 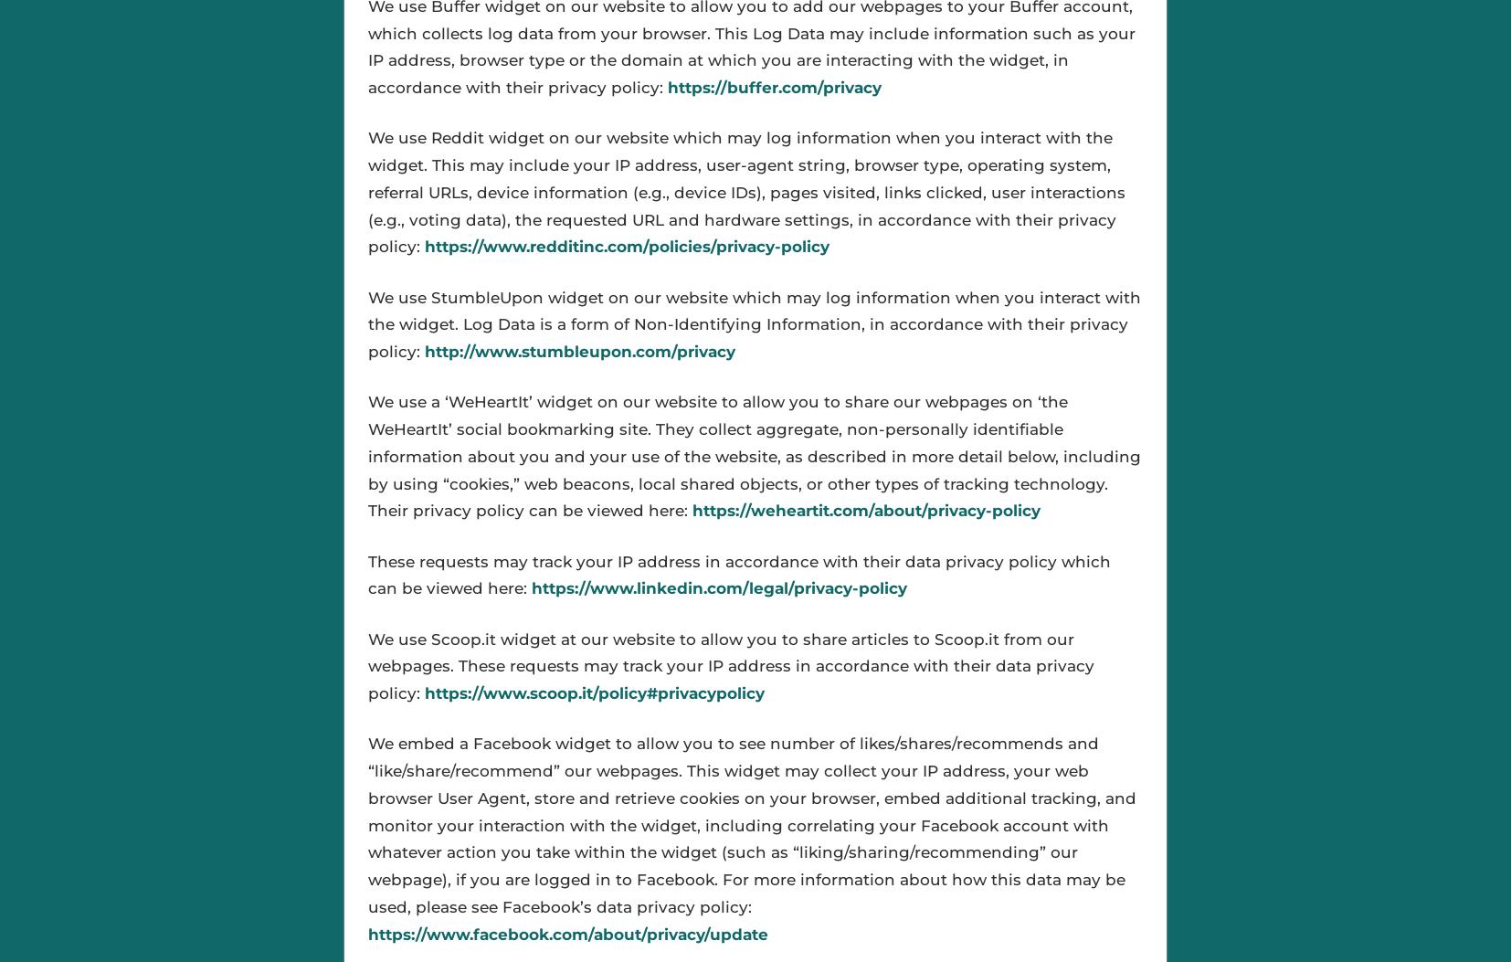 What do you see at coordinates (745, 192) in the screenshot?
I see `'We use Reddit widget on our website which may log information when you interact with the widget. This may include your IP address, user-agent string, browser type, operating system, referral URLs, device information (e.g., device IDs), pages visited, links clicked, user interactions (e.g., voting data), the requested URL and hardware settings, in accordance with their privacy policy:'` at bounding box center [745, 192].